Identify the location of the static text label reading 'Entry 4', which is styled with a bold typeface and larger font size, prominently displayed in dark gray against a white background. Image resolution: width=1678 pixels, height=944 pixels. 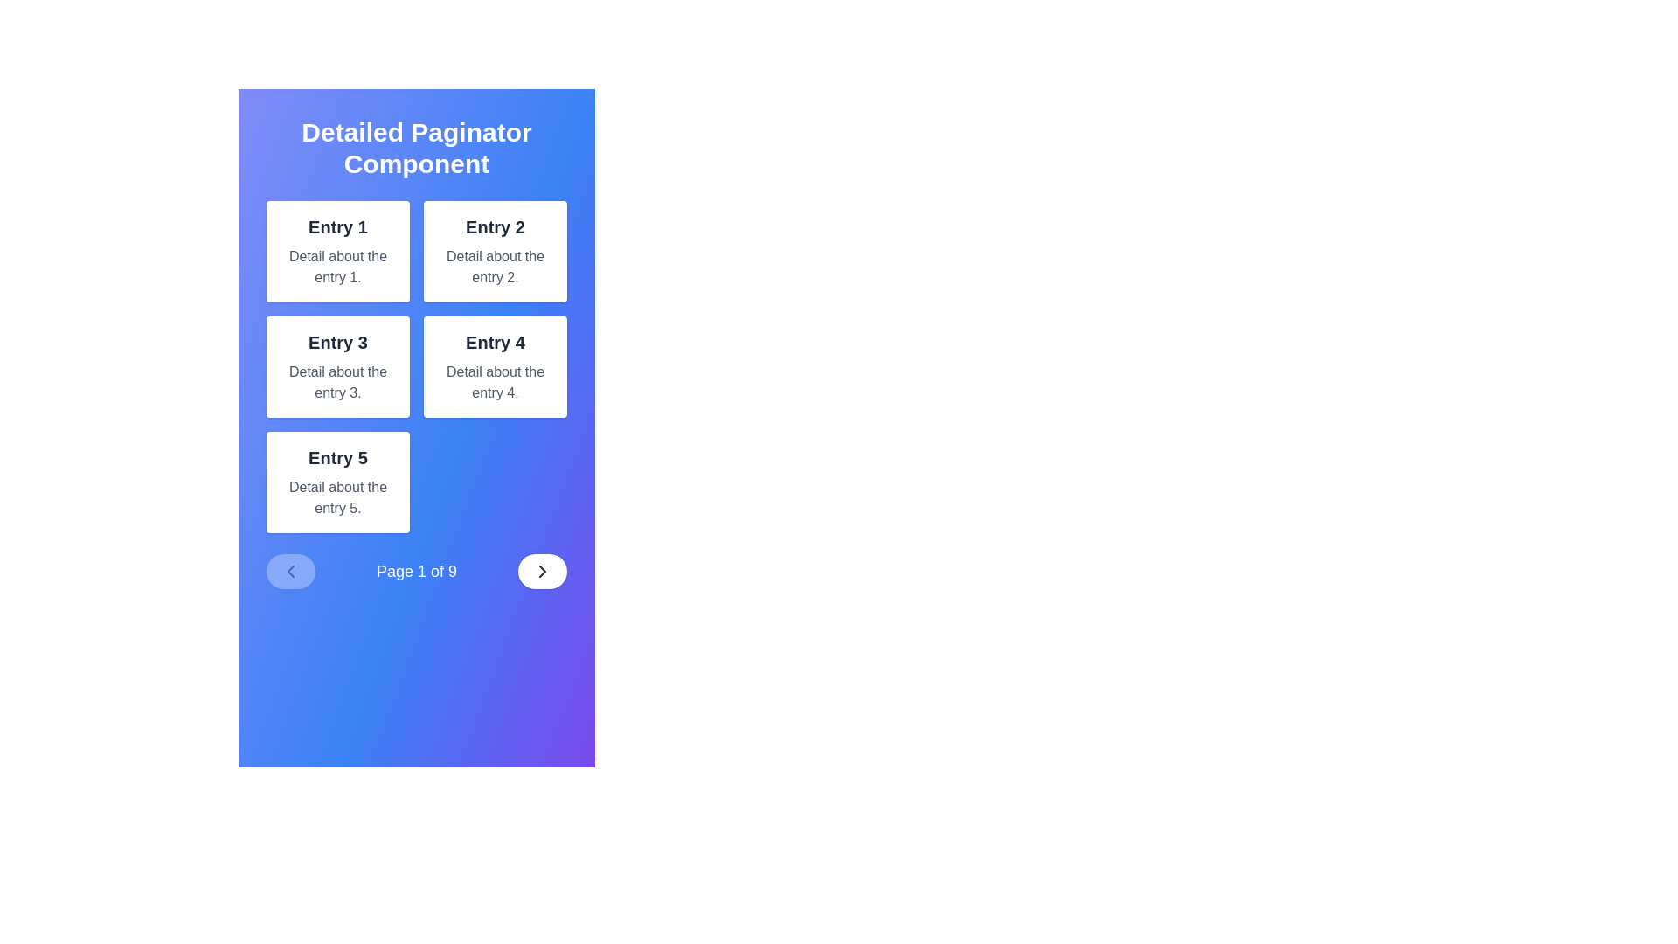
(494, 343).